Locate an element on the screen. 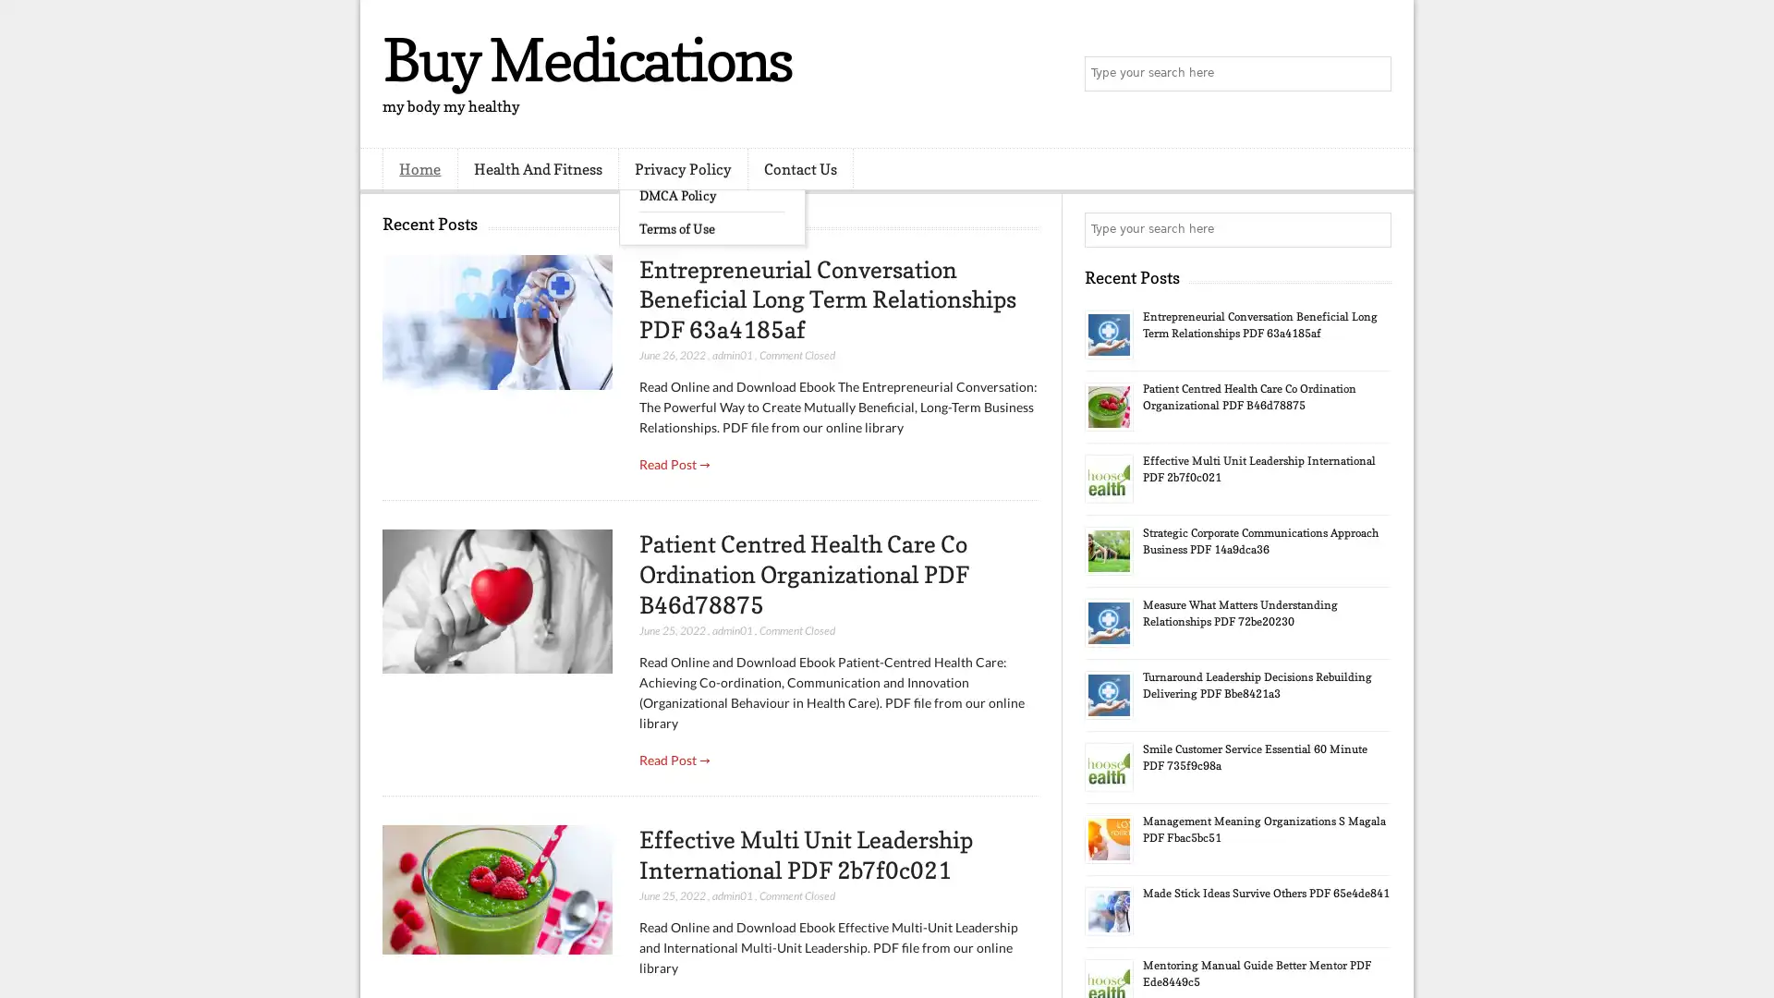 This screenshot has height=998, width=1774. Search is located at coordinates (1372, 229).